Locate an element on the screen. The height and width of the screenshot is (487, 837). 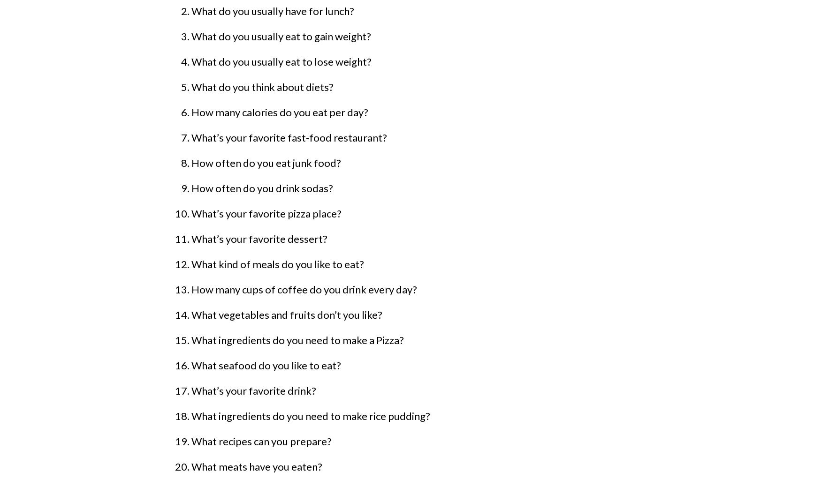
'What meats have you eaten?' is located at coordinates (191, 466).